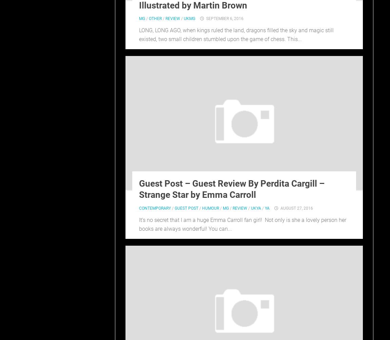  I want to click on 'August 27, 2016', so click(297, 208).